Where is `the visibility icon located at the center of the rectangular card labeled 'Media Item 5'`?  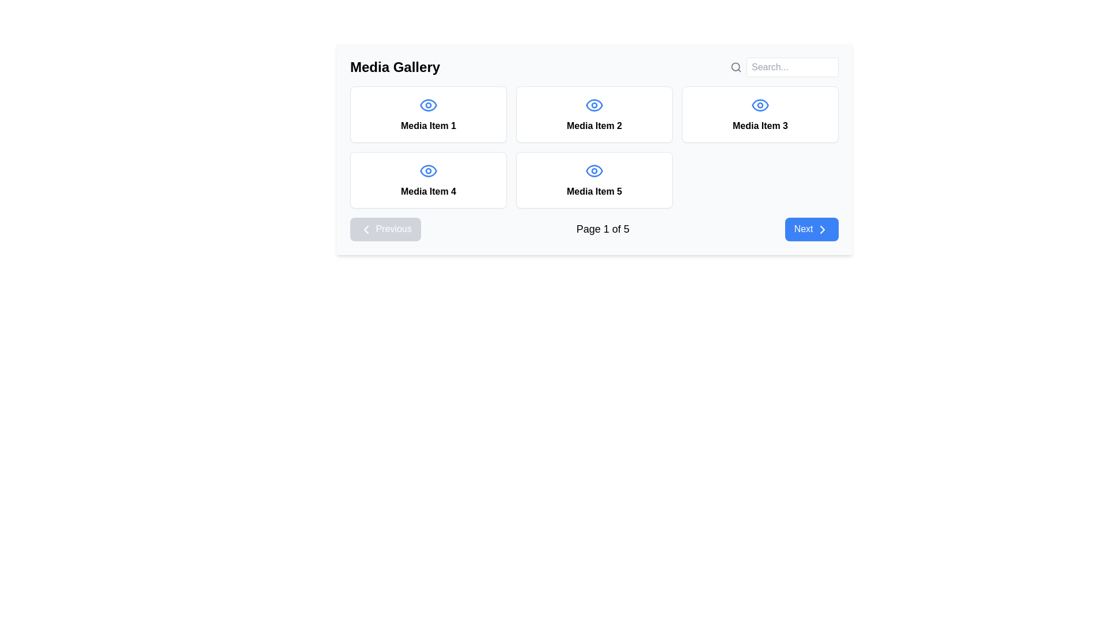 the visibility icon located at the center of the rectangular card labeled 'Media Item 5' is located at coordinates (594, 171).